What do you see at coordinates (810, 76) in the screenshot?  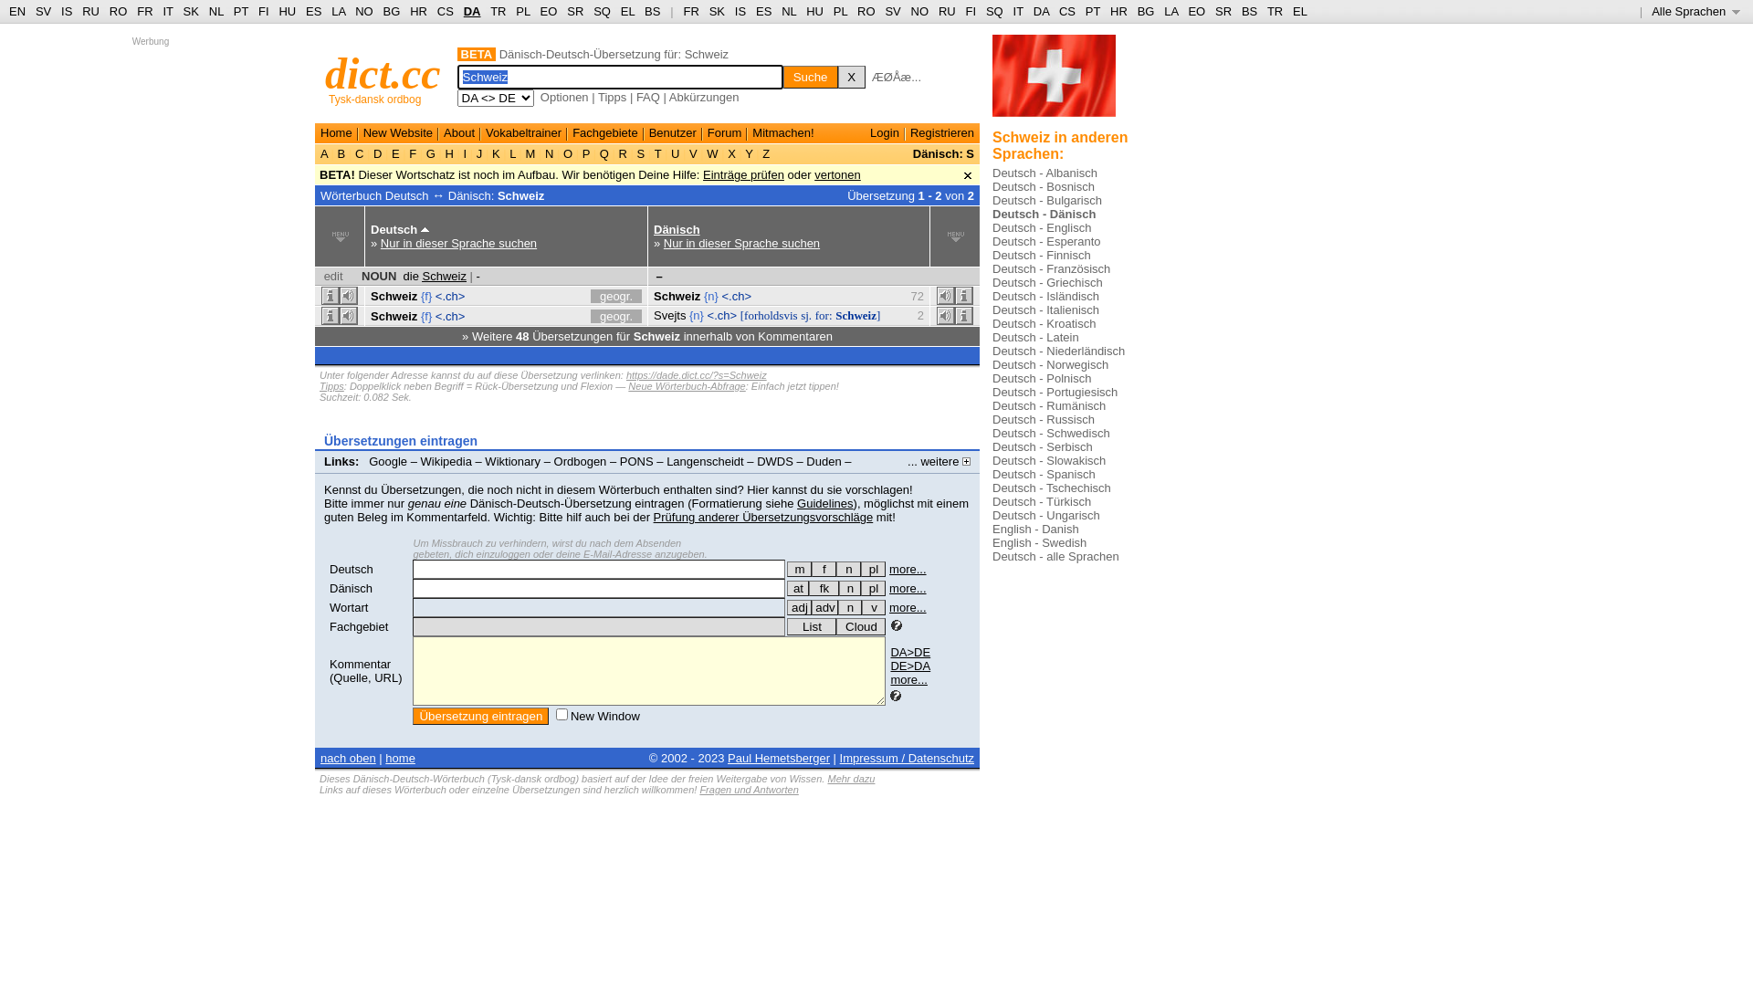 I see `'Suche'` at bounding box center [810, 76].